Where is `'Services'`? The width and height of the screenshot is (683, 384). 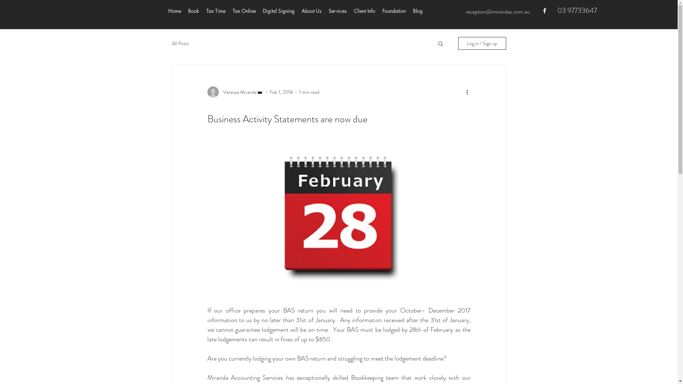 'Services' is located at coordinates (324, 11).